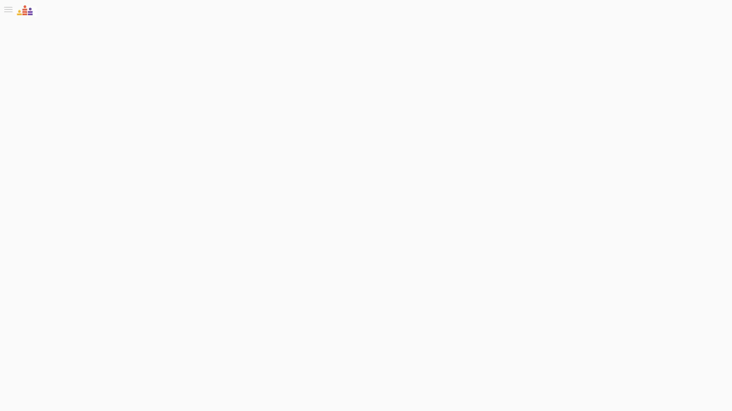  I want to click on Follow, so click(518, 139).